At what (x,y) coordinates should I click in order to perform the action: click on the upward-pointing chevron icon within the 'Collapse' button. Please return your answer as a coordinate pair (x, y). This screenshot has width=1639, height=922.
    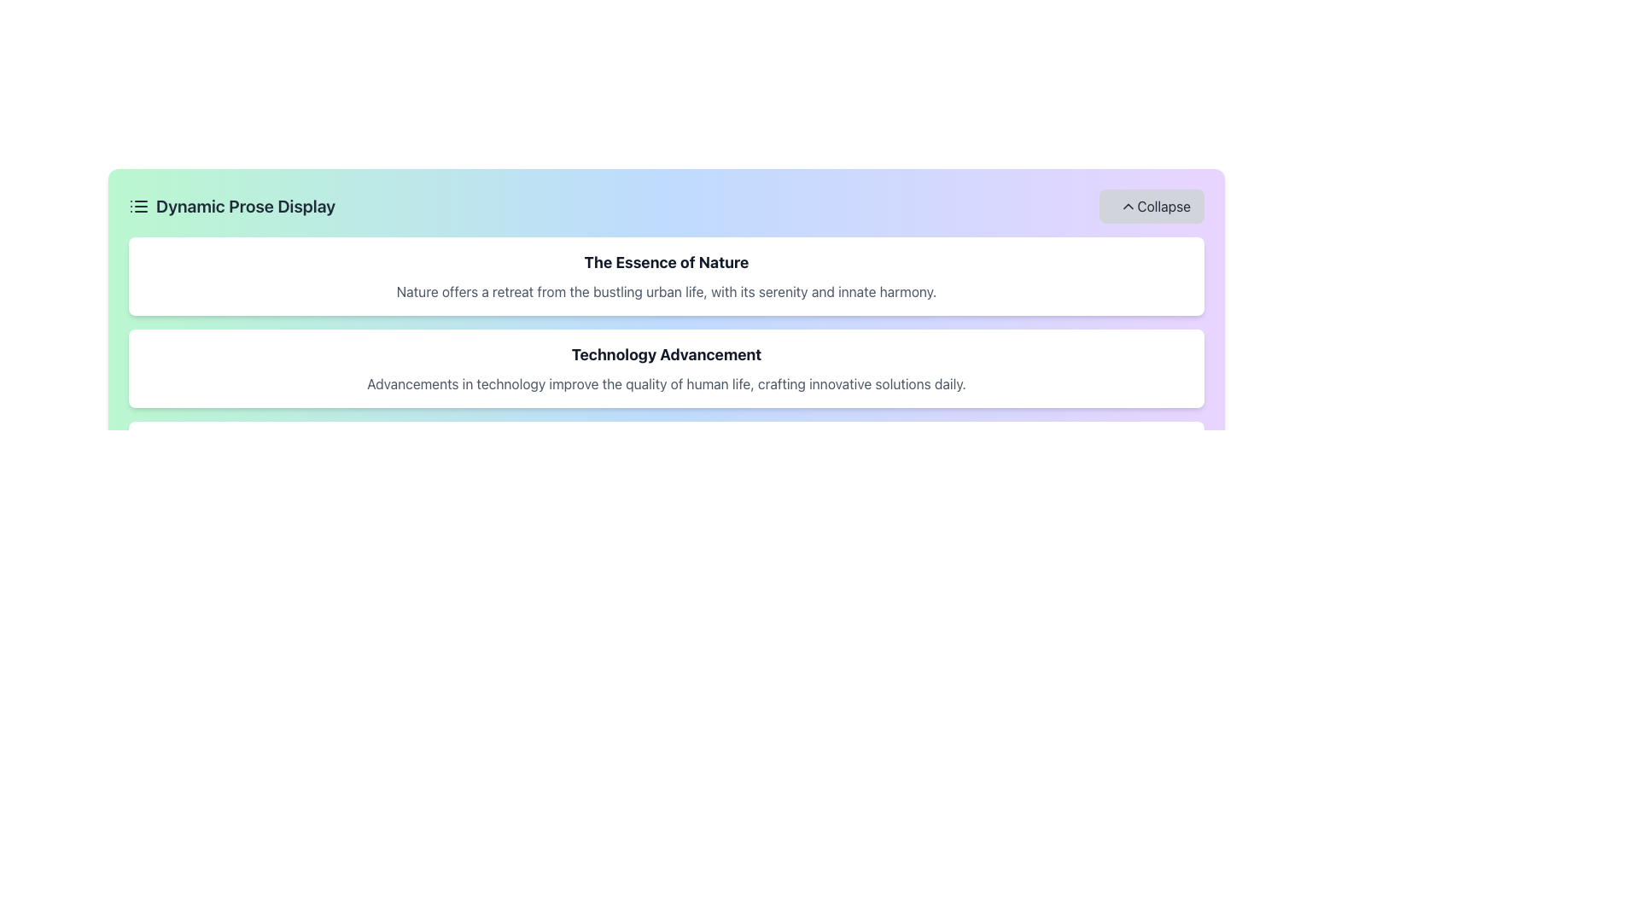
    Looking at the image, I should click on (1129, 206).